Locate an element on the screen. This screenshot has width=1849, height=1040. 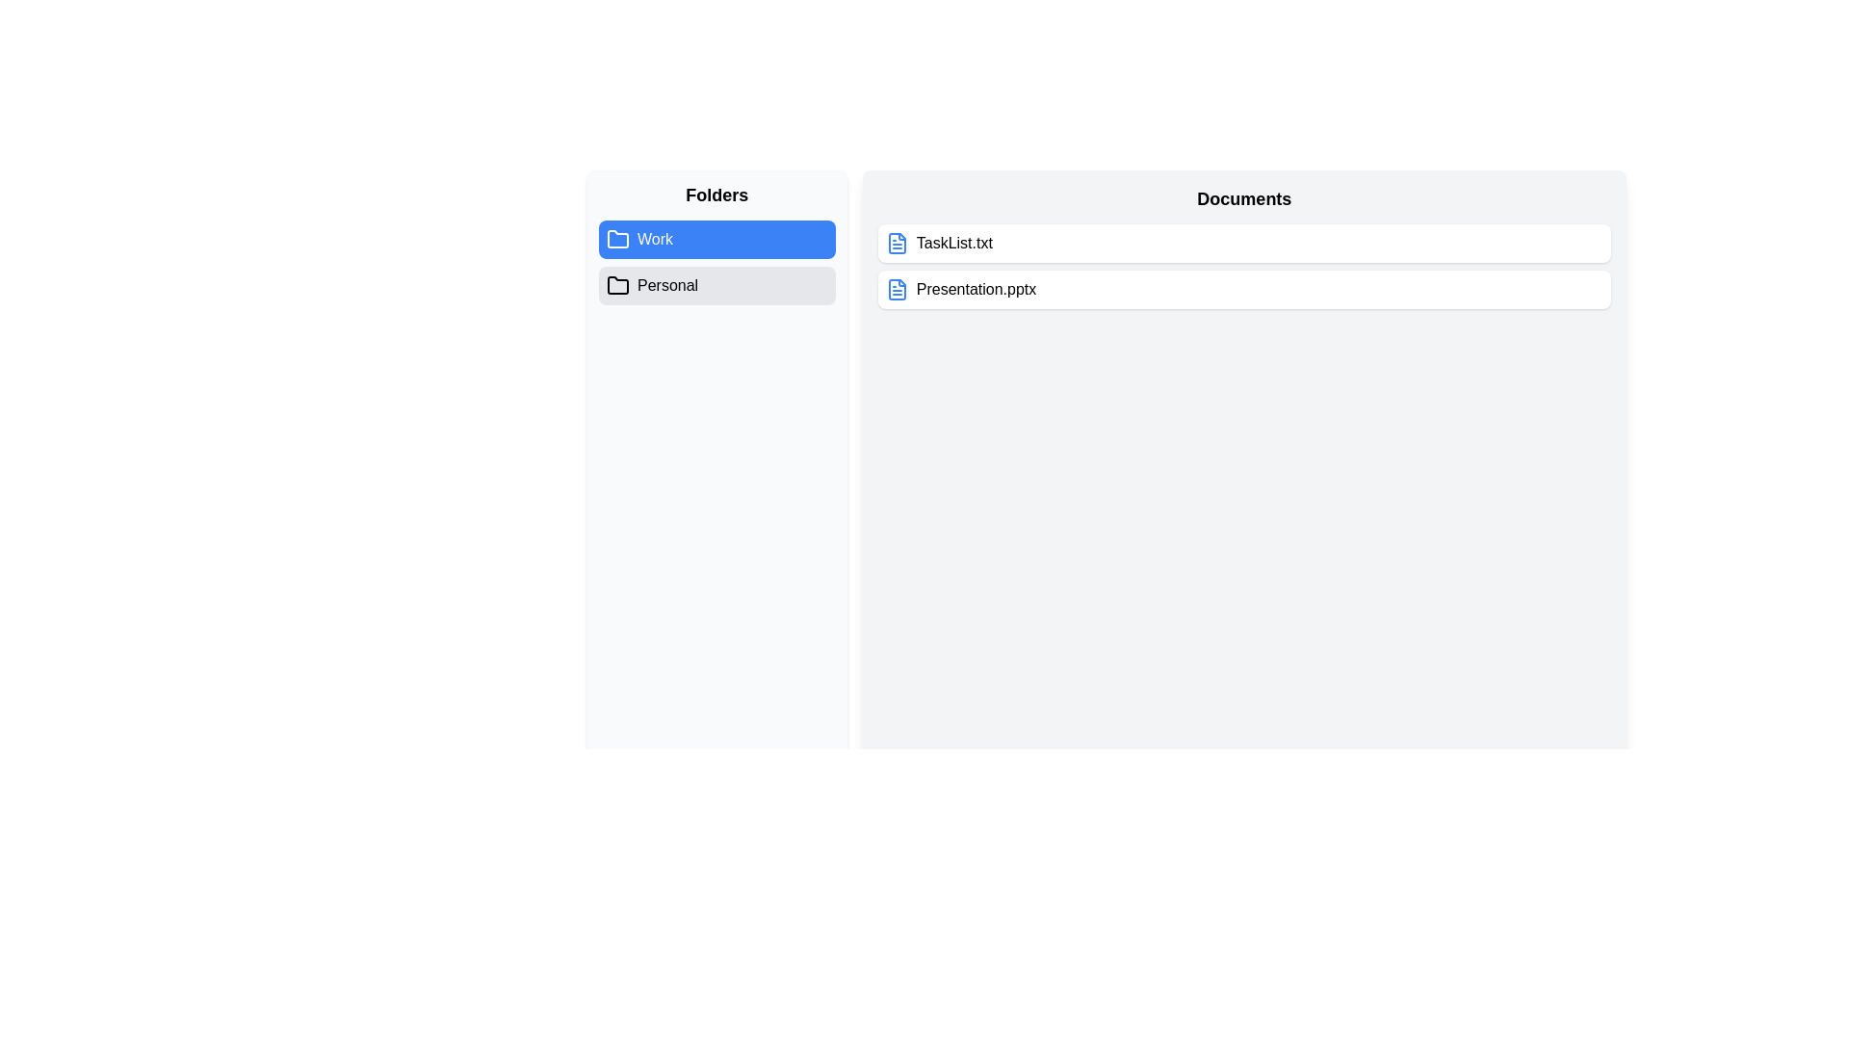
the Header text located at the top of the sidebar section on the left side of the user interface, which indicates that the section contains folder-related items is located at coordinates (716, 195).